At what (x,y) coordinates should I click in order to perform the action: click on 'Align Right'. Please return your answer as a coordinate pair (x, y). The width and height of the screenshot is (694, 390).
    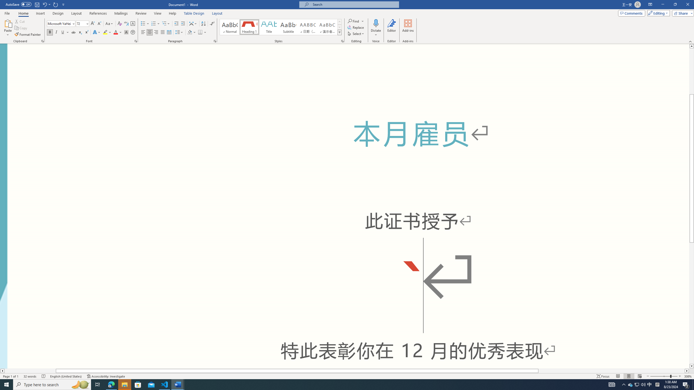
    Looking at the image, I should click on (156, 32).